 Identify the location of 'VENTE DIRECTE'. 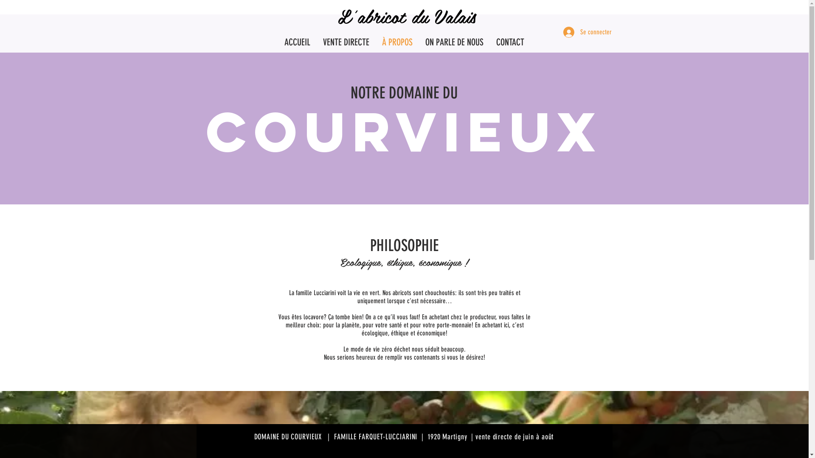
(316, 42).